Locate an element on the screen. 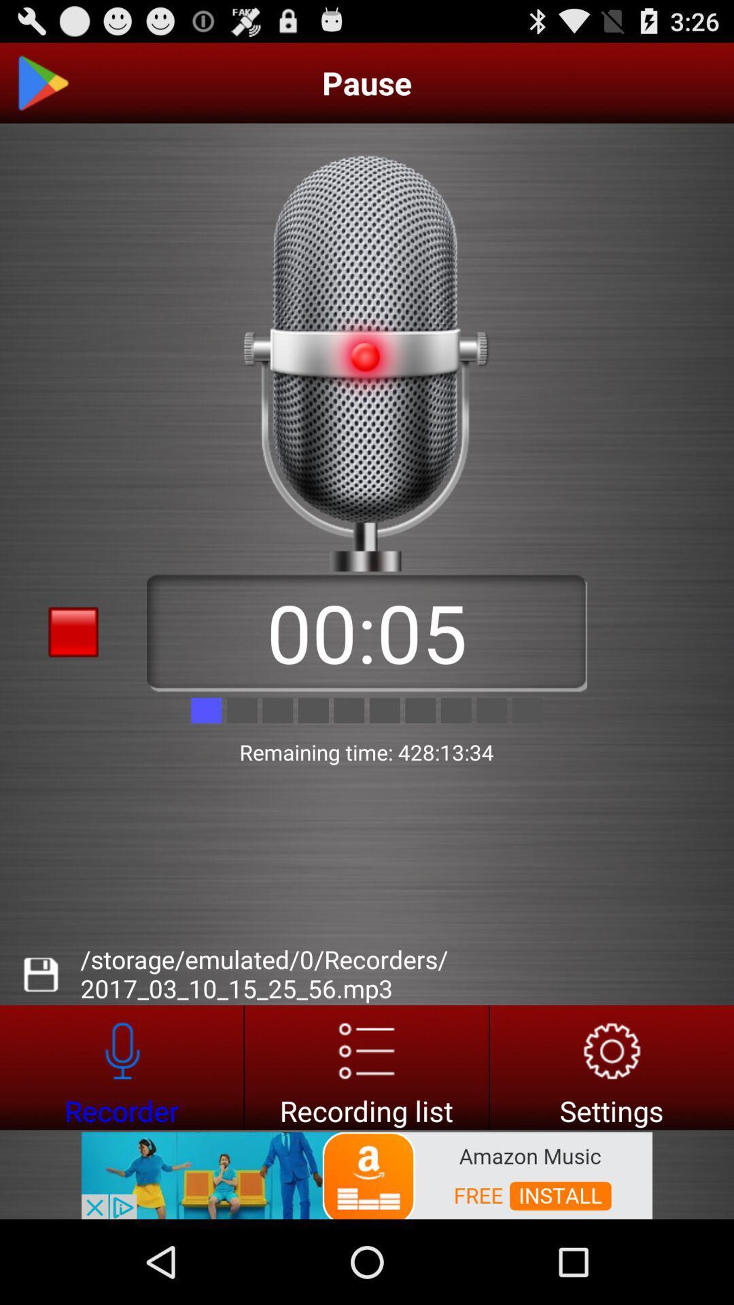 The width and height of the screenshot is (734, 1305). open settings is located at coordinates (612, 1066).